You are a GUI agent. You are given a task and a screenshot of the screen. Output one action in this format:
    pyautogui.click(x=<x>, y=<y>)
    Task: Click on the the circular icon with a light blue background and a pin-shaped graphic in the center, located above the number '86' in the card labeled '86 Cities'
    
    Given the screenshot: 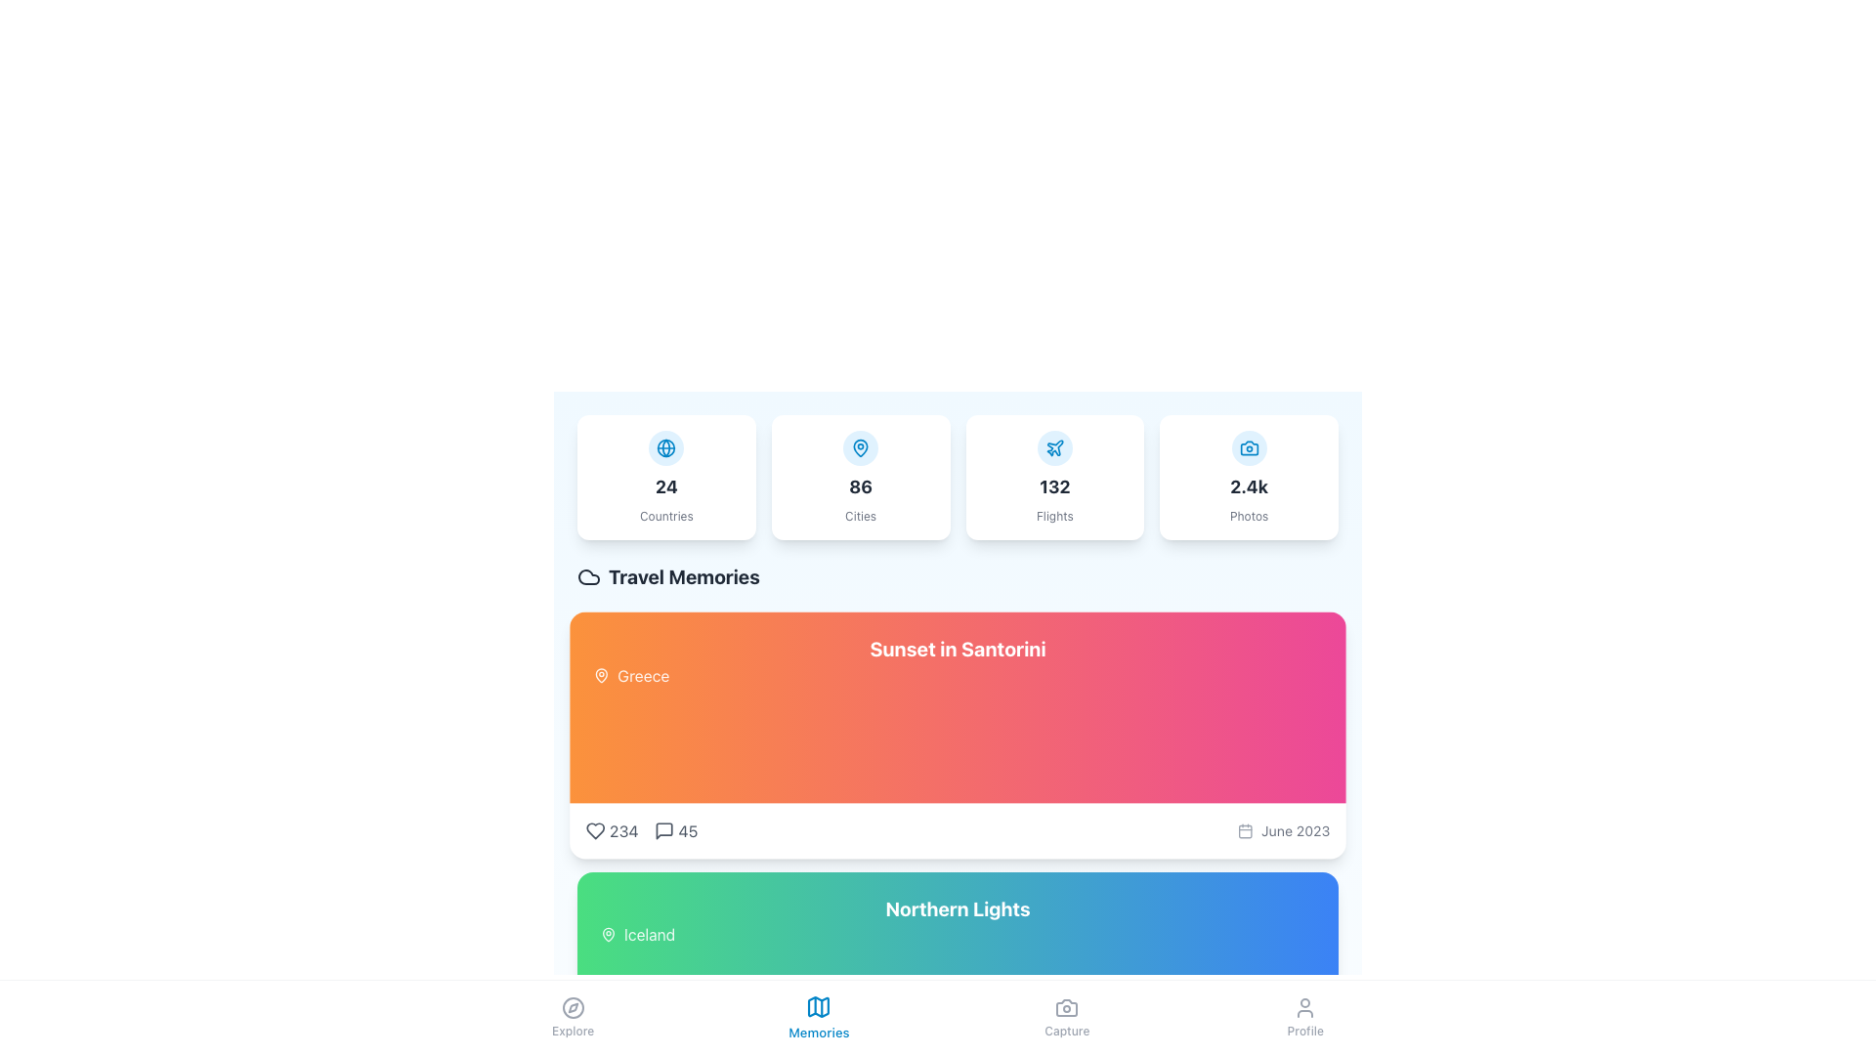 What is the action you would take?
    pyautogui.click(x=860, y=448)
    